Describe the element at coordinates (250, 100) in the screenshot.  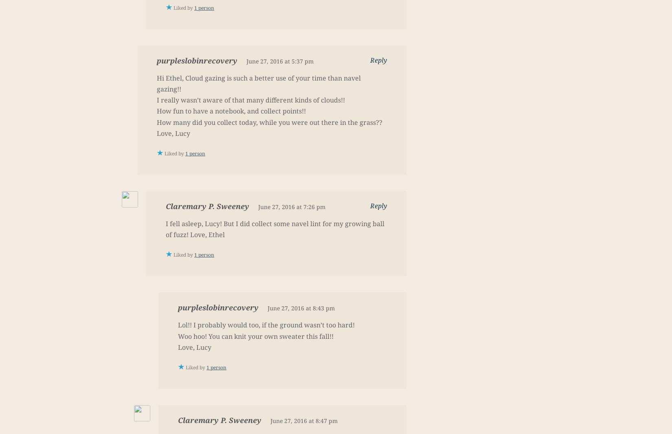
I see `'I really wasn’t aware of that many different kinds of clouds!!'` at that location.